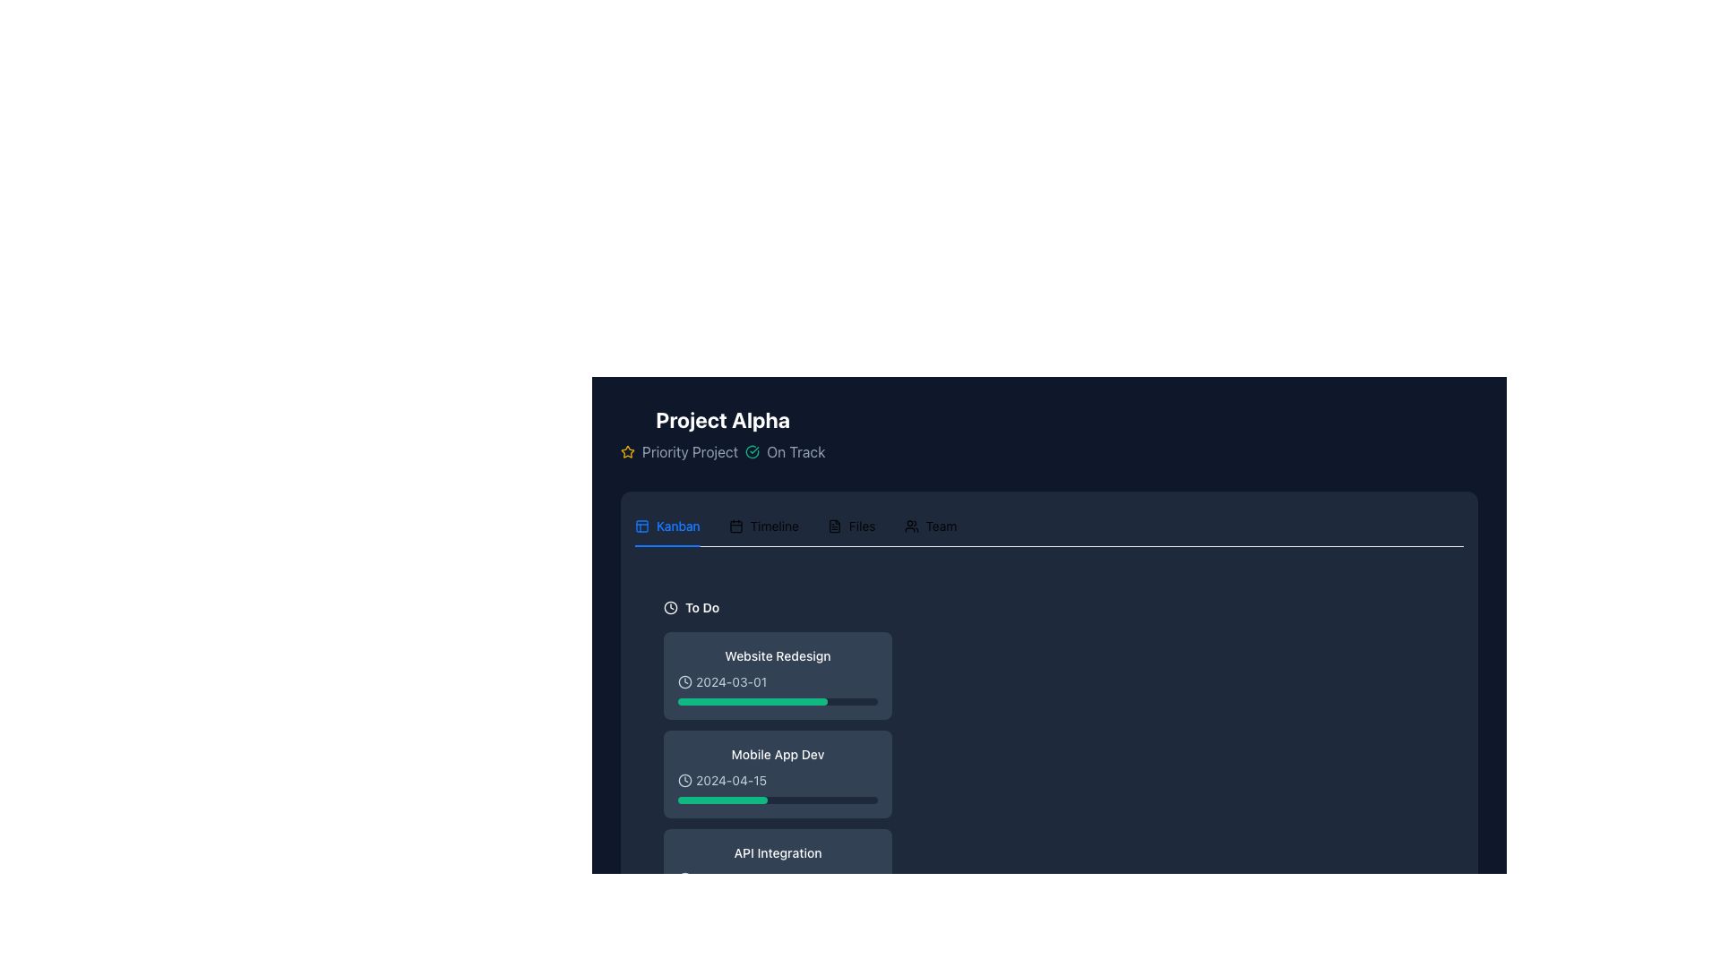  Describe the element at coordinates (641, 525) in the screenshot. I see `the Kanban icon located to the left of the text label 'Kanban' in the navigation menu` at that location.